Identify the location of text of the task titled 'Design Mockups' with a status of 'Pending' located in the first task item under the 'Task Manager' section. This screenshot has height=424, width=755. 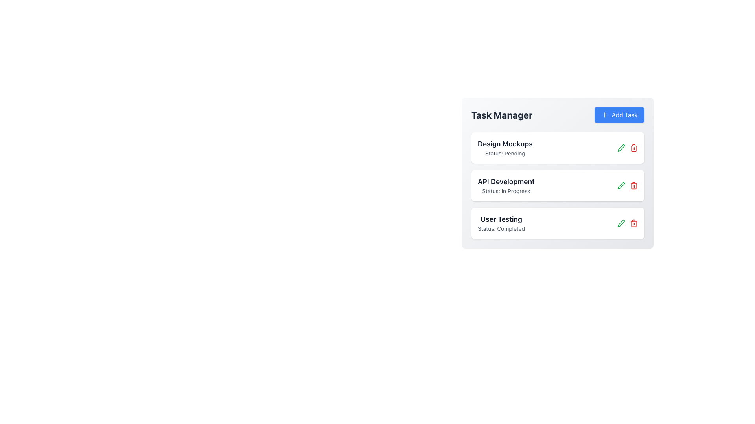
(505, 148).